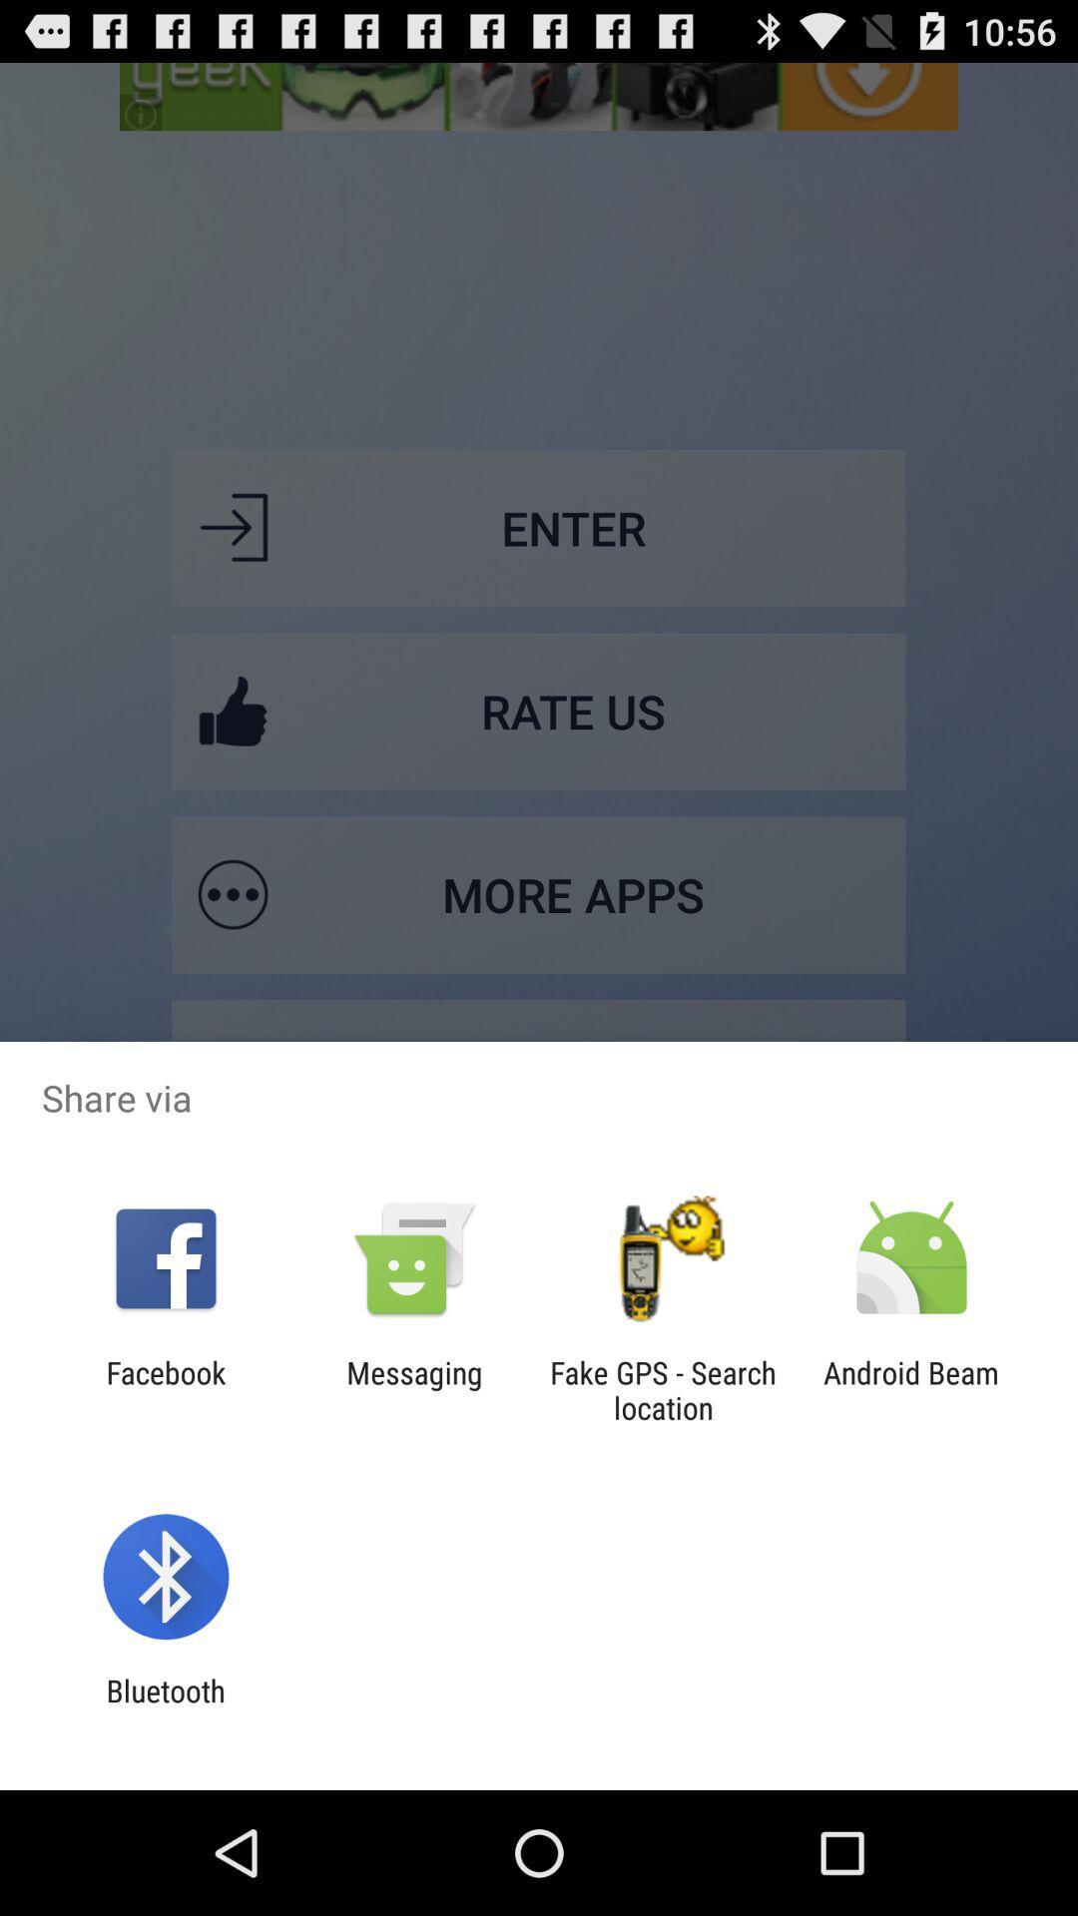 This screenshot has height=1916, width=1078. Describe the element at coordinates (911, 1389) in the screenshot. I see `the app next to fake gps search item` at that location.